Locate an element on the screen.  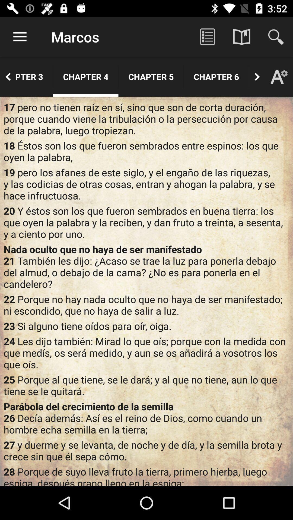
app to the left of chapter 6 app is located at coordinates (151, 76).